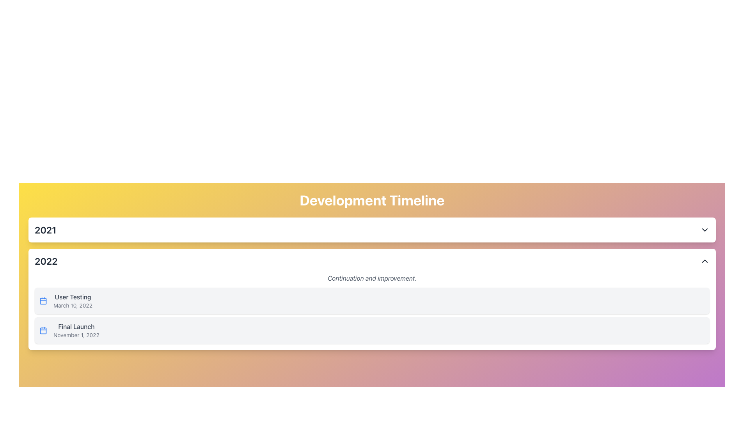  Describe the element at coordinates (76, 335) in the screenshot. I see `visual styling of the text label displaying 'November 1, 2022', which is located below the 'Final Launch' event in the timeline` at that location.